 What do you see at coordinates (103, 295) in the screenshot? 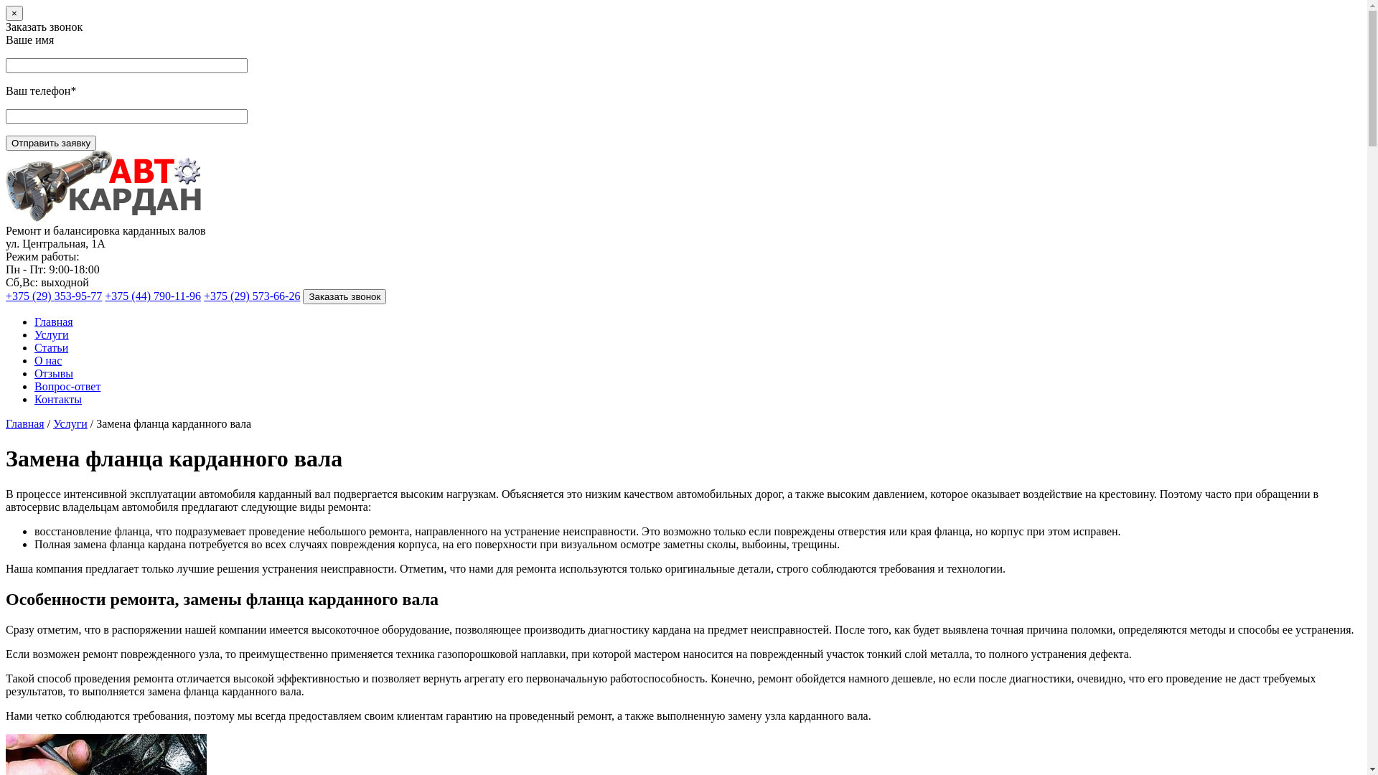
I see `'+375 (44) 790-11-96'` at bounding box center [103, 295].